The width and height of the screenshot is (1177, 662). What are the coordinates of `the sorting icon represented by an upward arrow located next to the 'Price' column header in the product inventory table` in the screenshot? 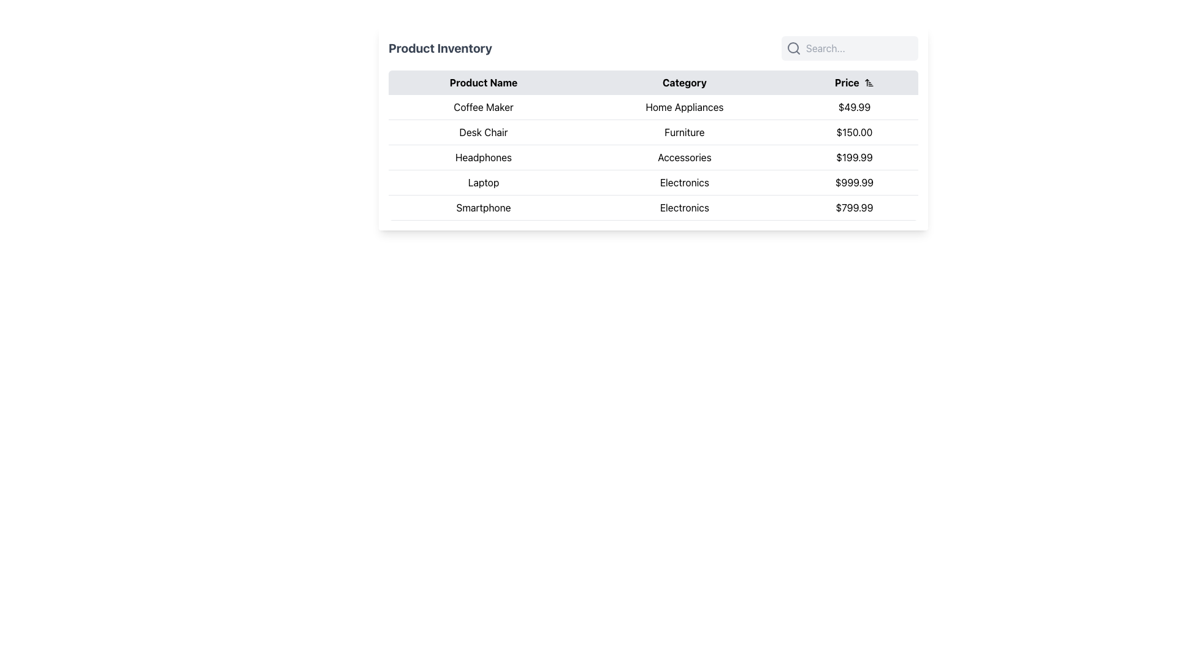 It's located at (868, 83).